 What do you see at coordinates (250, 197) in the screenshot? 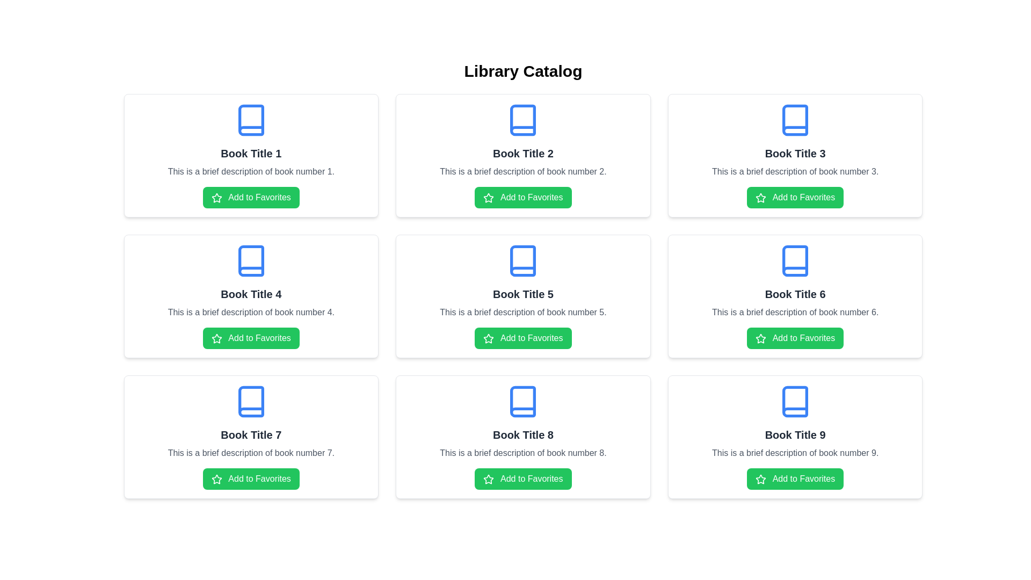
I see `the 'Add to Favorites' button located below the description of 'Book Title 1'` at bounding box center [250, 197].